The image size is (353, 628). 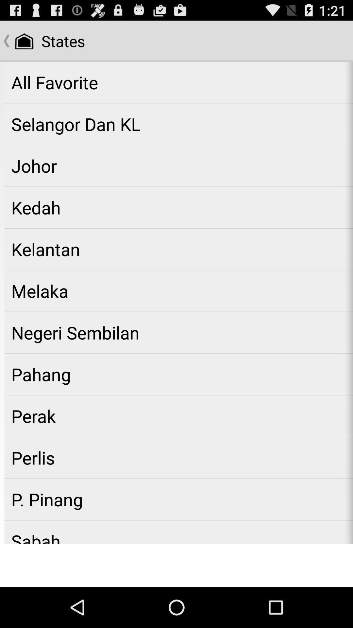 What do you see at coordinates (176, 565) in the screenshot?
I see `item below sabah app` at bounding box center [176, 565].